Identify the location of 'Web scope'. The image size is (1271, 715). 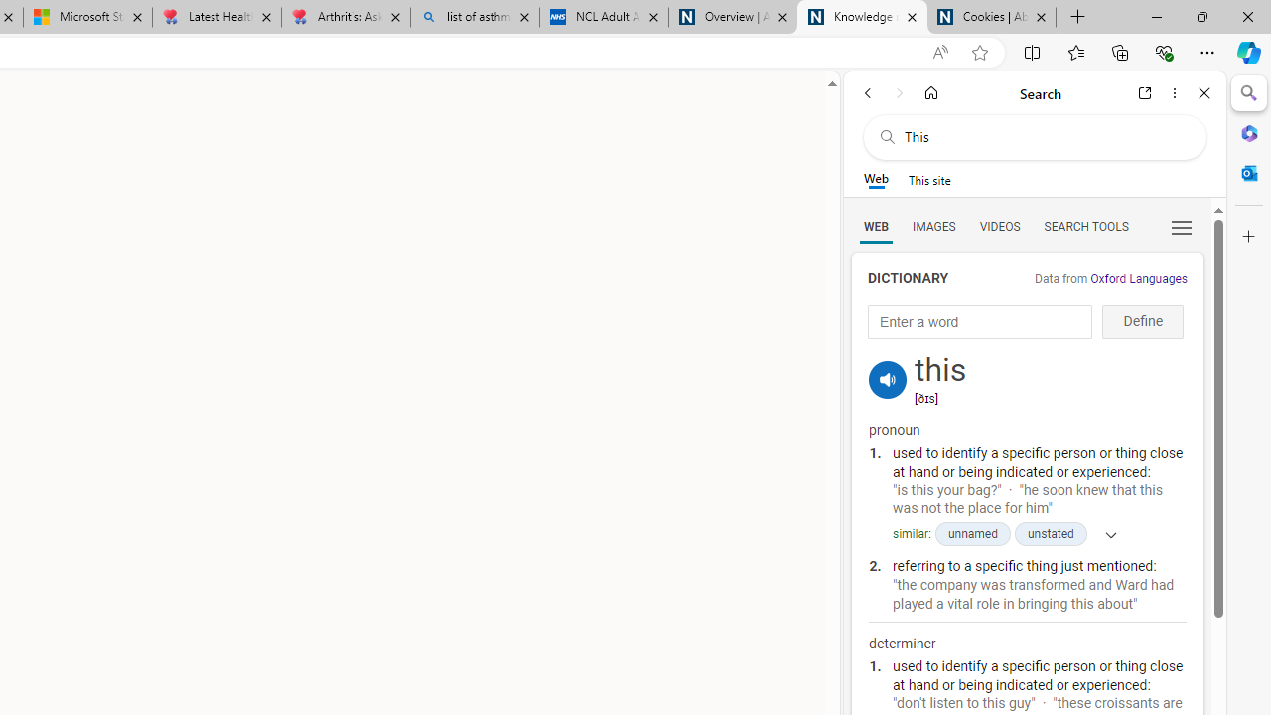
(875, 179).